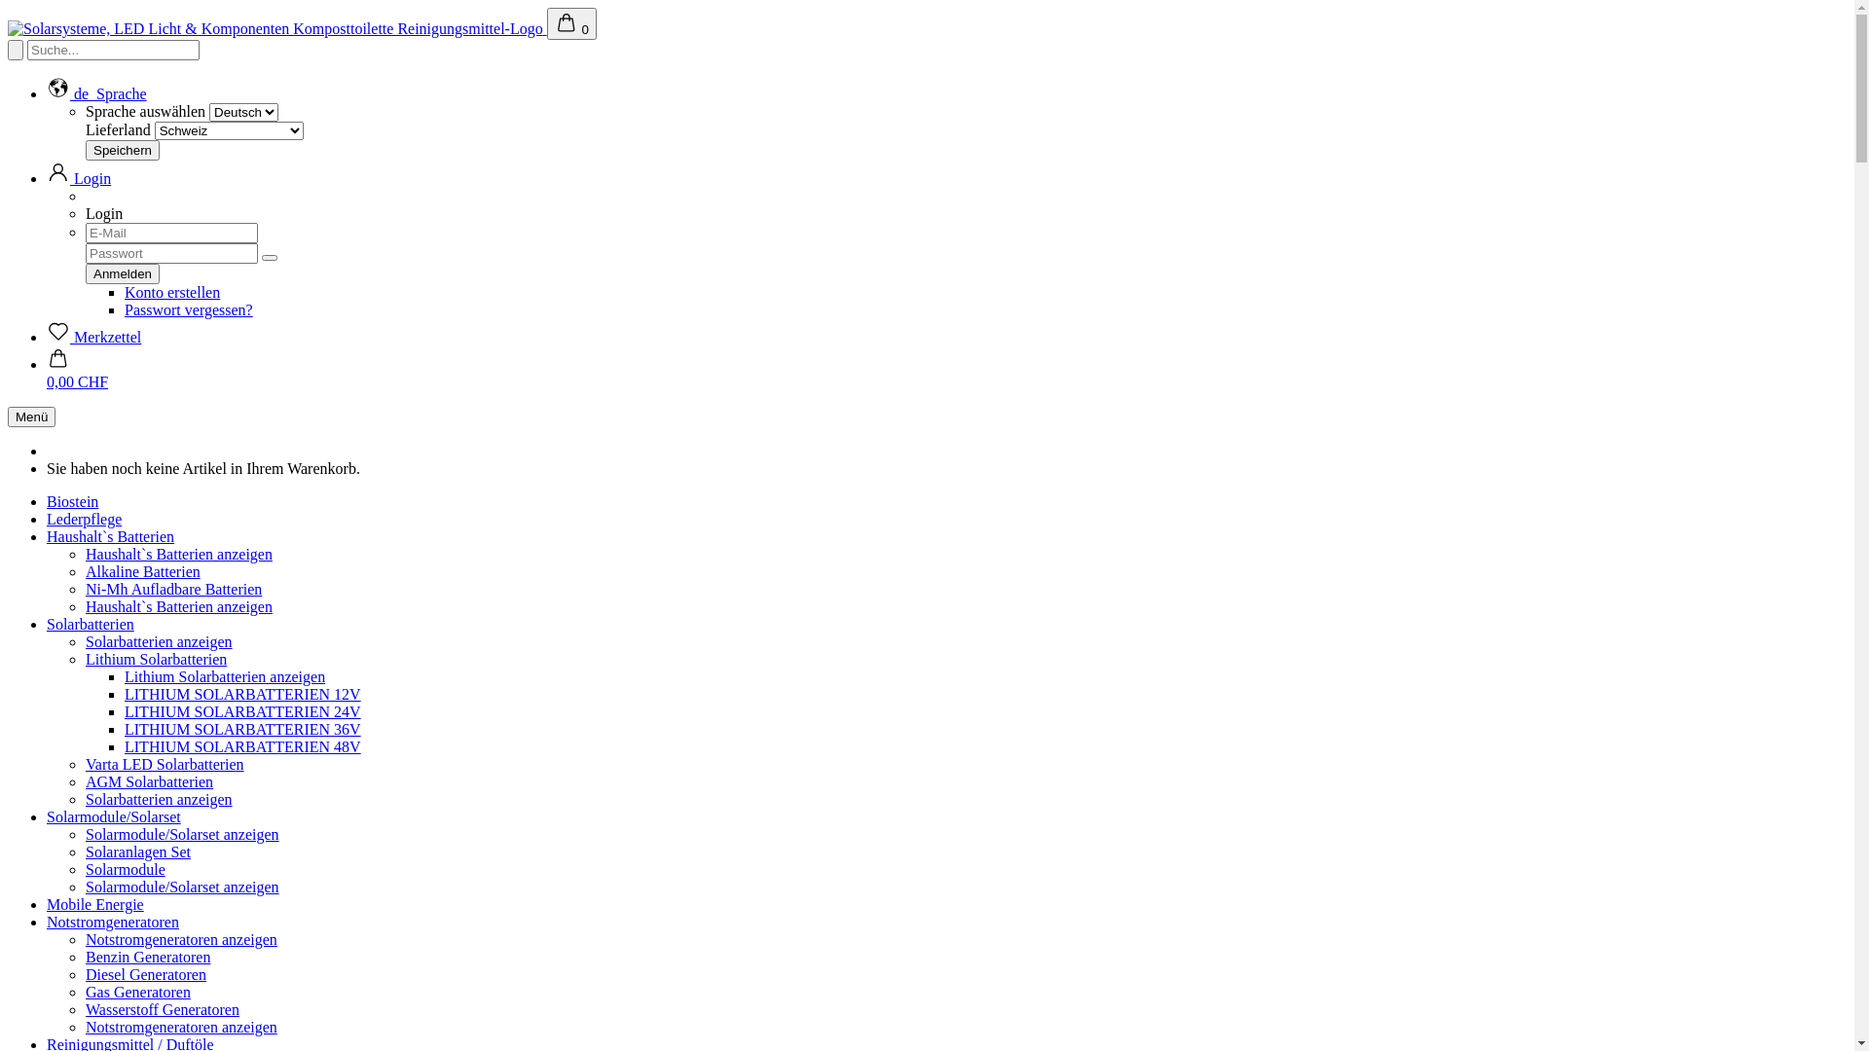 This screenshot has width=1869, height=1051. Describe the element at coordinates (72, 500) in the screenshot. I see `'Biostein'` at that location.